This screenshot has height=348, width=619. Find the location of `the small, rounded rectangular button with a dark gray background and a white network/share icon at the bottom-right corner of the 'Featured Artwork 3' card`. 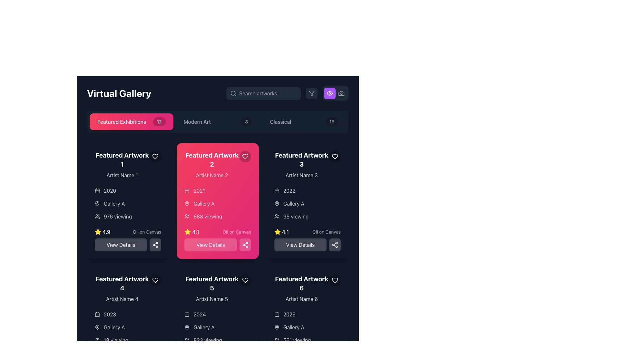

the small, rounded rectangular button with a dark gray background and a white network/share icon at the bottom-right corner of the 'Featured Artwork 3' card is located at coordinates (335, 245).